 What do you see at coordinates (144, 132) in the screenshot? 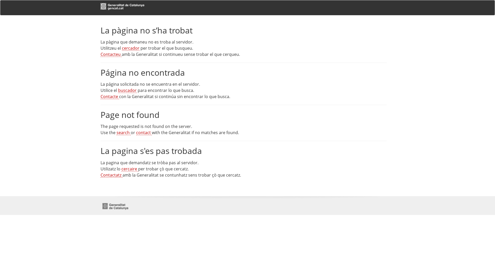
I see `'contact'` at bounding box center [144, 132].